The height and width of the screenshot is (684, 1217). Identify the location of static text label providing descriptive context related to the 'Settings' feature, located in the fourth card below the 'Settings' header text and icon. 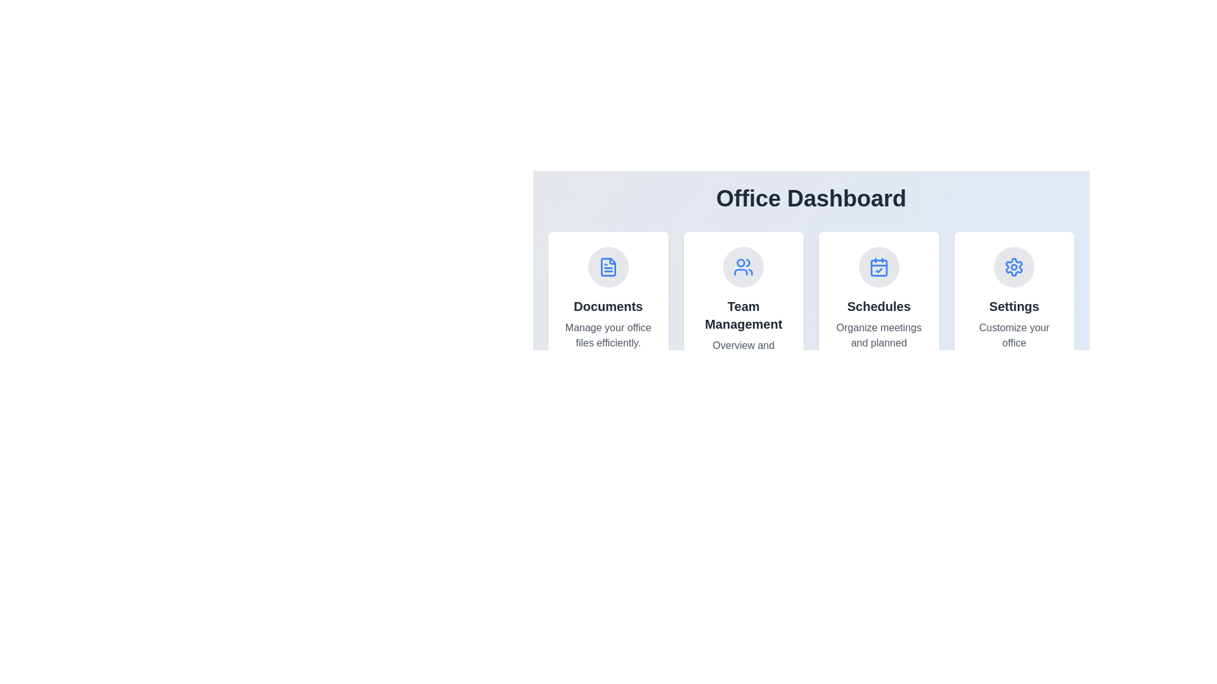
(1014, 343).